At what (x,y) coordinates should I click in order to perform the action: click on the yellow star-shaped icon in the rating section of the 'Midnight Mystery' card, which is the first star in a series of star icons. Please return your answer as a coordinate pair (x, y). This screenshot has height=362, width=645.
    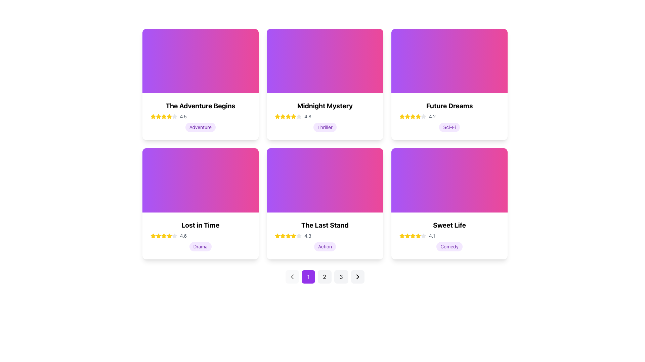
    Looking at the image, I should click on (283, 116).